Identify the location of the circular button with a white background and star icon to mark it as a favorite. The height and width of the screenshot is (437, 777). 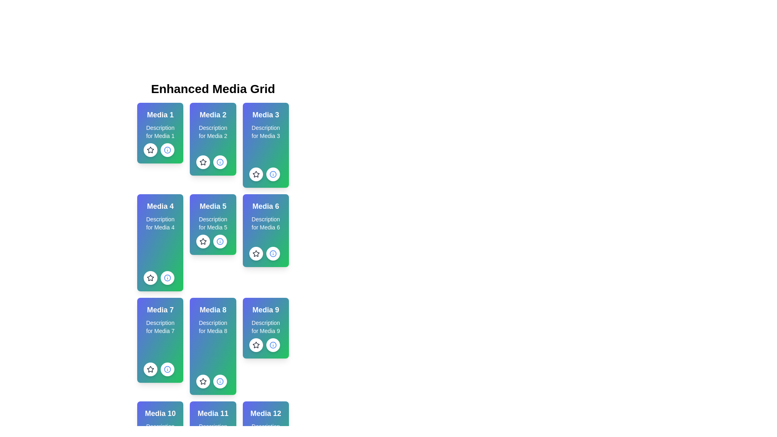
(255, 345).